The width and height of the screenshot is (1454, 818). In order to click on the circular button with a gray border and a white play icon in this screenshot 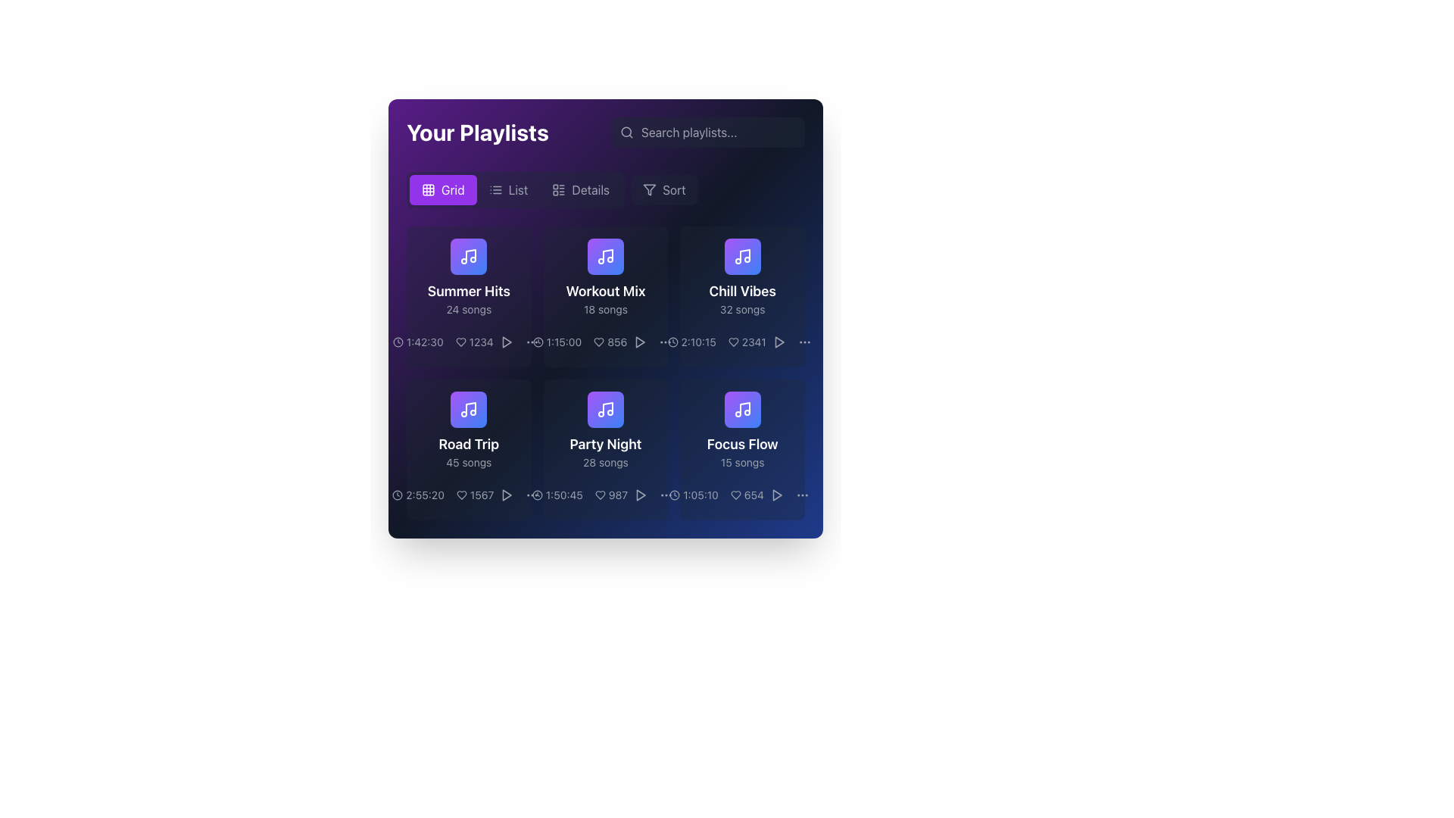, I will do `click(778, 342)`.